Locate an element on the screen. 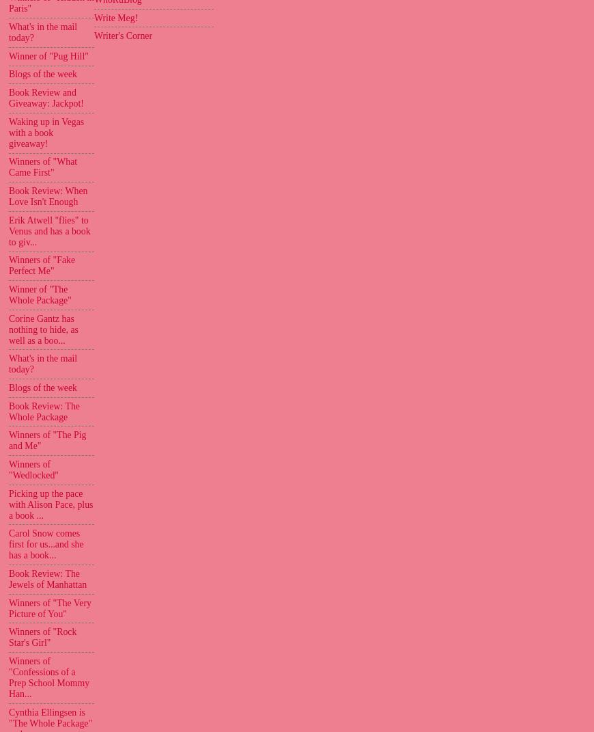  'Winners of "The Pig and Me"' is located at coordinates (8, 439).